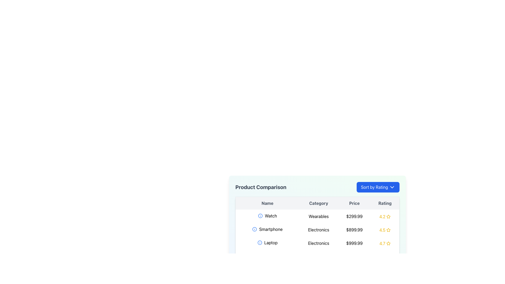  What do you see at coordinates (385, 243) in the screenshot?
I see `the rating element for the product 'Laptop'` at bounding box center [385, 243].